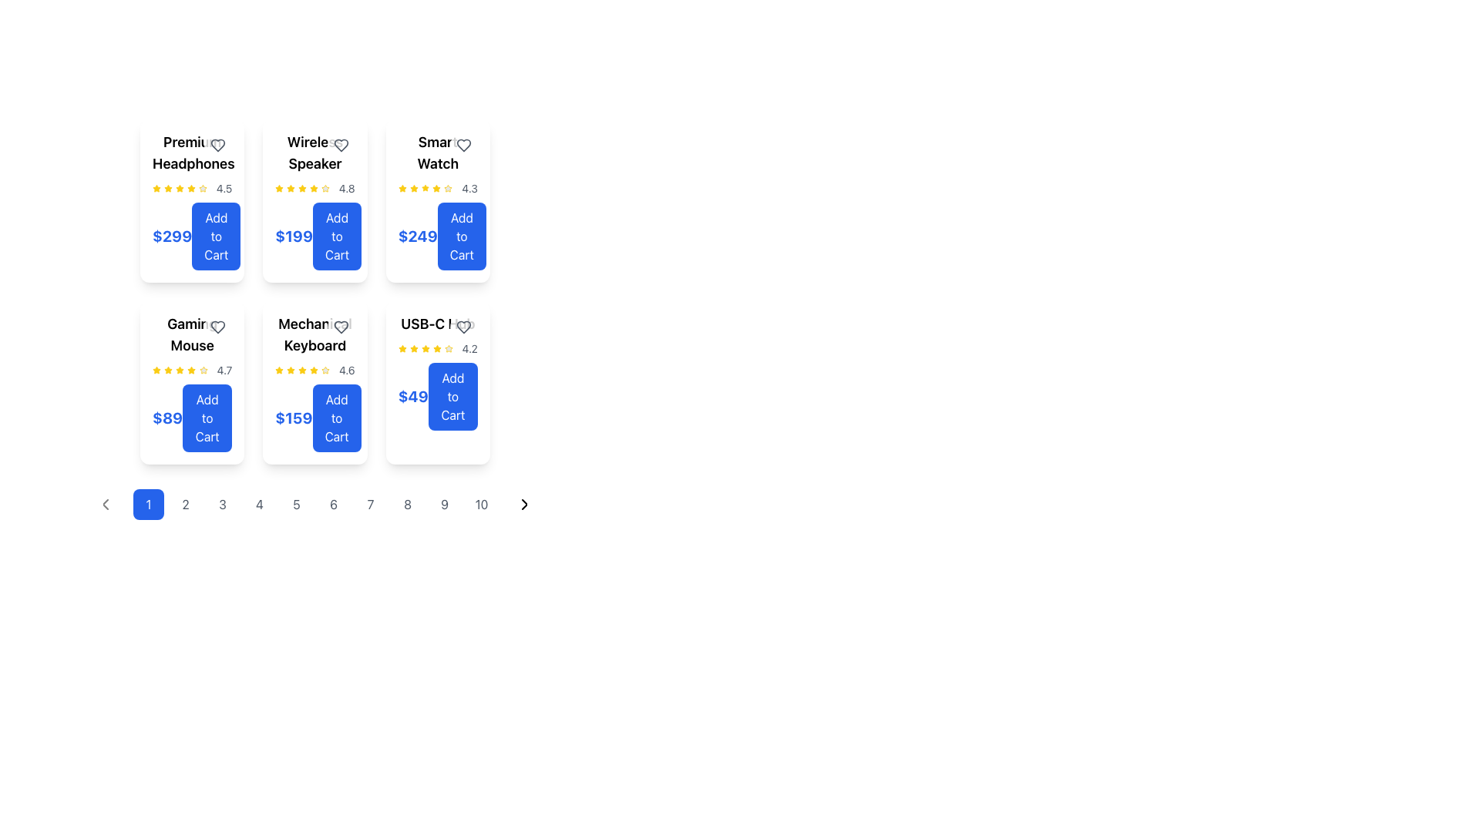  I want to click on the price indicator label located below the star rating and above the 'Add to Cart' button in the 'Mechanical Keyboard' card, which is positioned in the second row, third column of the product display grid, so click(294, 418).